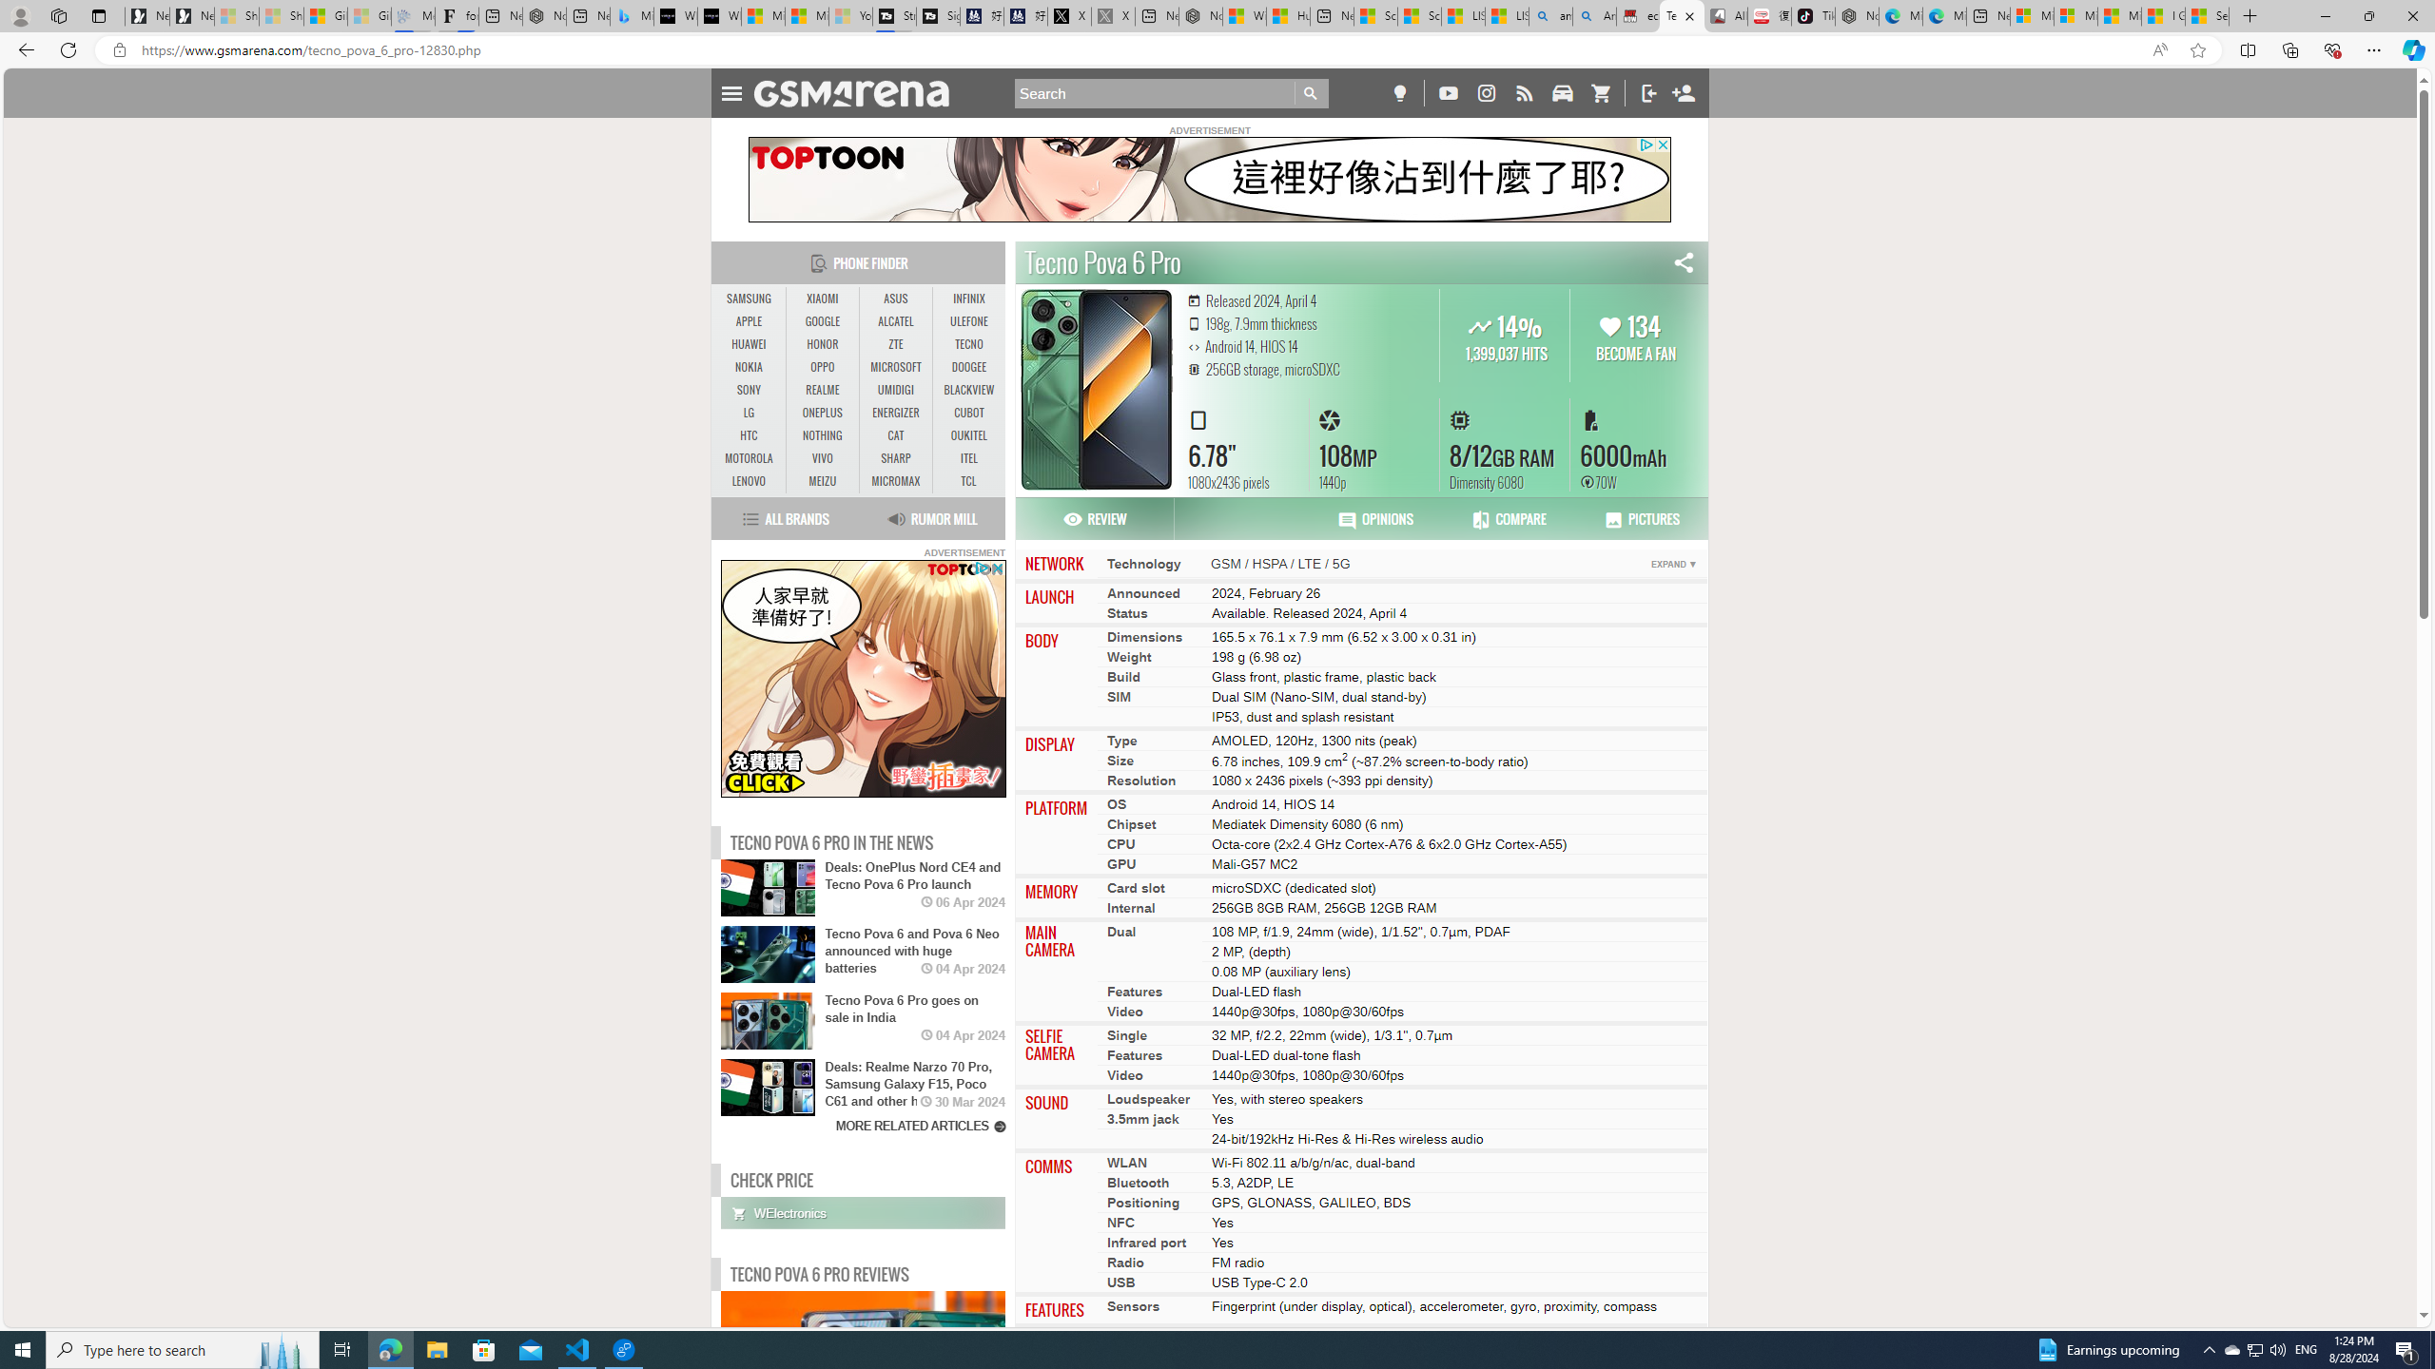 The image size is (2435, 1369). Describe the element at coordinates (1143, 592) in the screenshot. I see `'Announced'` at that location.